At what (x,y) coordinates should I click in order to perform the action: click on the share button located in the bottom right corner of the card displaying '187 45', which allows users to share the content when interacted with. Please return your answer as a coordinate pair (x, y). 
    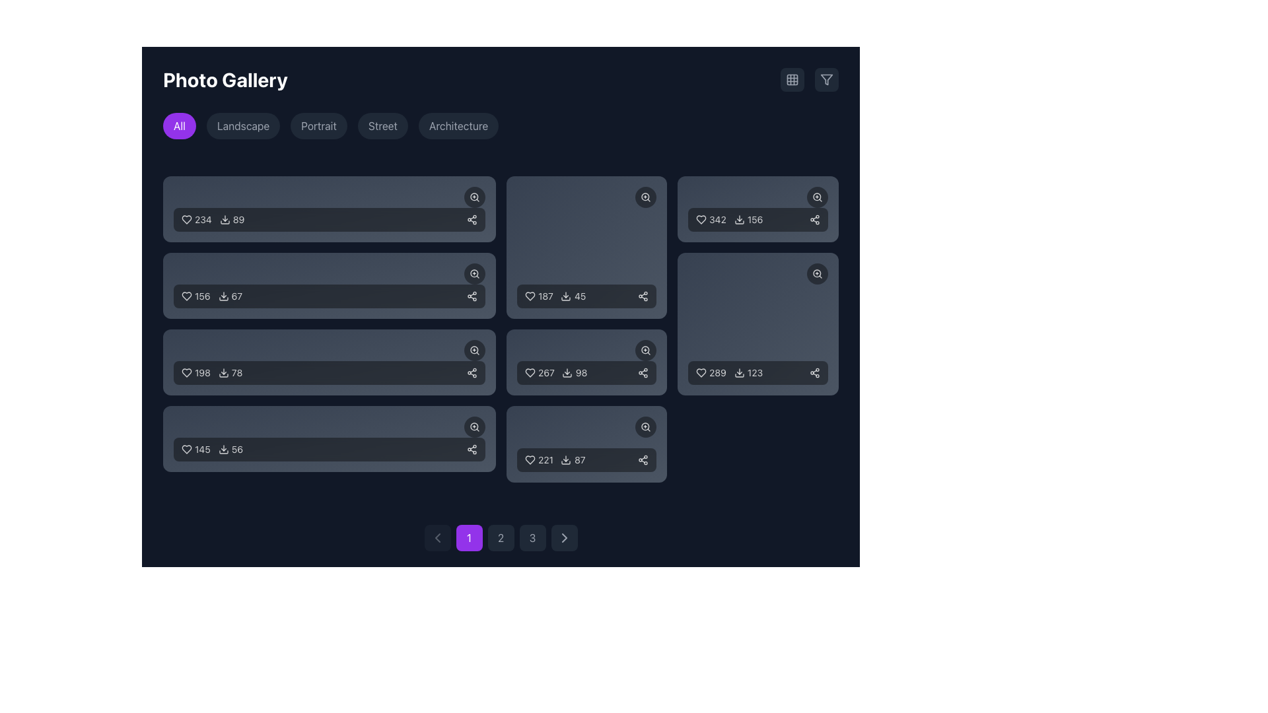
    Looking at the image, I should click on (643, 295).